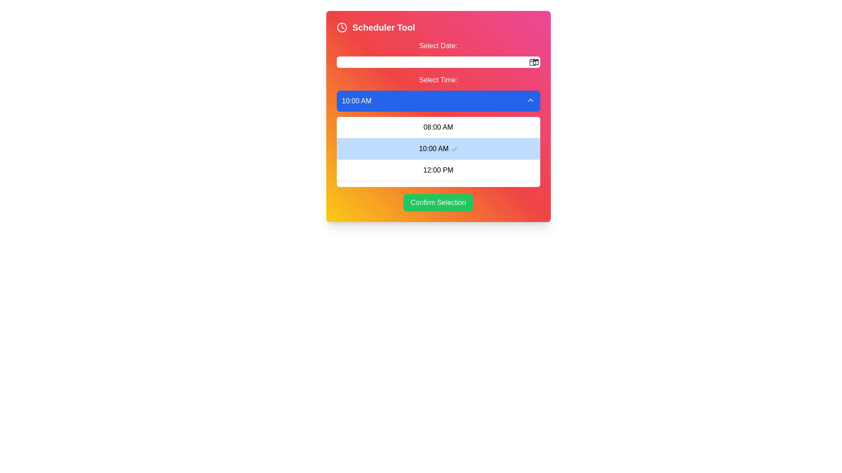 The image size is (842, 473). I want to click on the 'Confirm Selection' button, which has a green background and white text, using keyboard navigation, so click(438, 202).